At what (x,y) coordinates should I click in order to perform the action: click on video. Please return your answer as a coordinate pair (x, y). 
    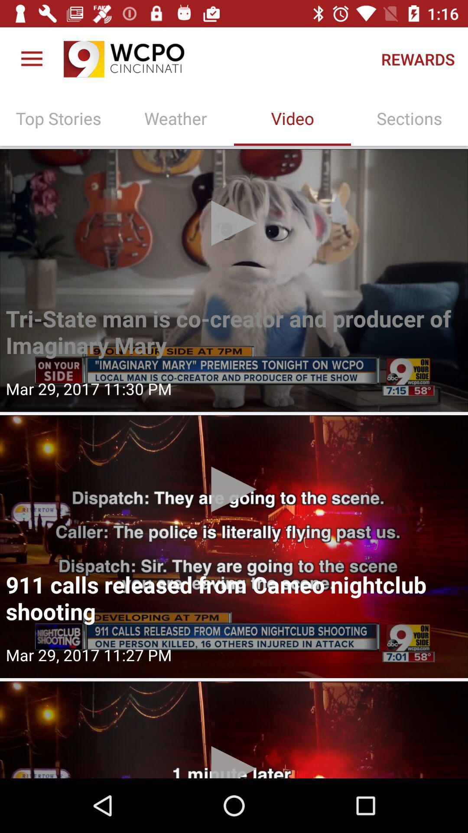
    Looking at the image, I should click on (234, 280).